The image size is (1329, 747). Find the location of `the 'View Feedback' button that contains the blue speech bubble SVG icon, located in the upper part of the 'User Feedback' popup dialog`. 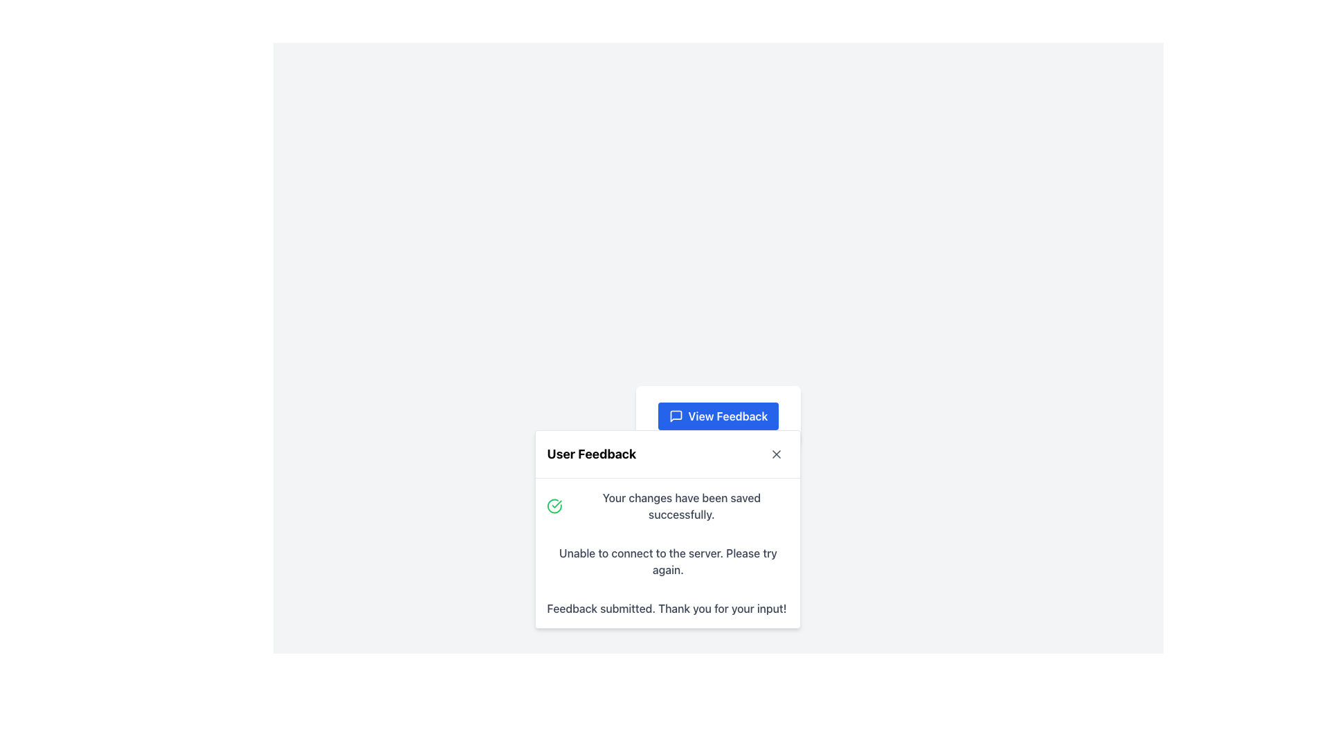

the 'View Feedback' button that contains the blue speech bubble SVG icon, located in the upper part of the 'User Feedback' popup dialog is located at coordinates (676, 415).